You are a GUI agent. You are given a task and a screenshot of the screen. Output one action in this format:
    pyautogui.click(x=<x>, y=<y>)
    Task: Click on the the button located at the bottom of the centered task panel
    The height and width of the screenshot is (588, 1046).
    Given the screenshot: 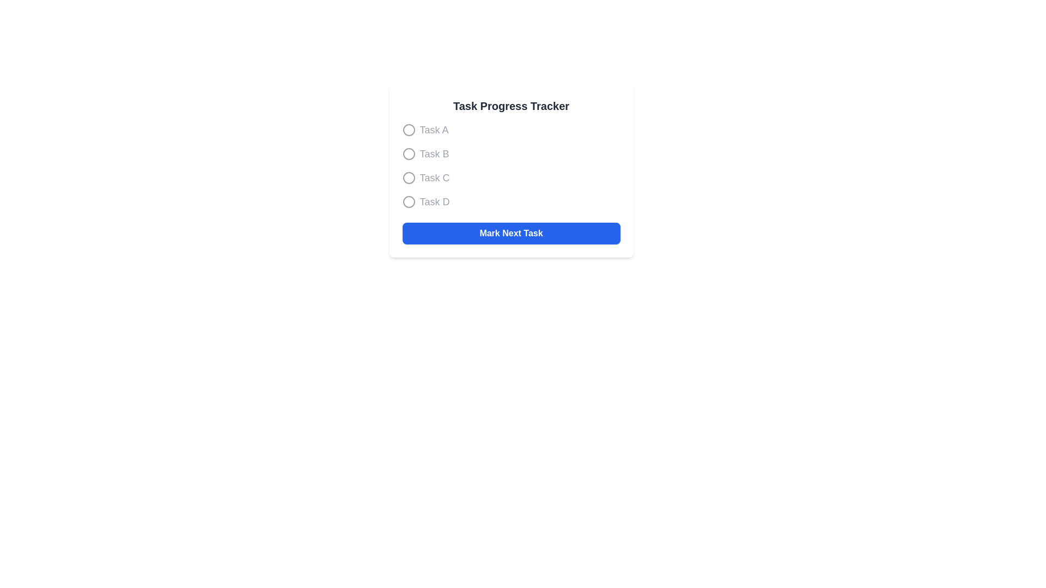 What is the action you would take?
    pyautogui.click(x=510, y=232)
    